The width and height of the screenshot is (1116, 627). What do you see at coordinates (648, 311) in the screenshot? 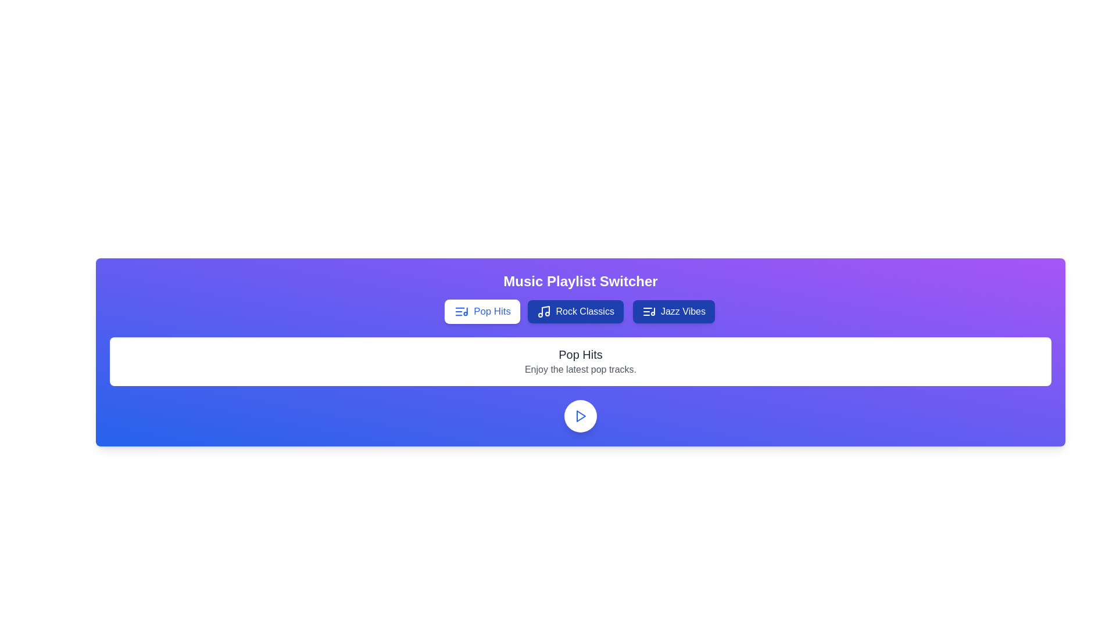
I see `the decorative icon for the 'Jazz Vibes' button, which is positioned on the left side of the button's textual label within a group of three buttons` at bounding box center [648, 311].